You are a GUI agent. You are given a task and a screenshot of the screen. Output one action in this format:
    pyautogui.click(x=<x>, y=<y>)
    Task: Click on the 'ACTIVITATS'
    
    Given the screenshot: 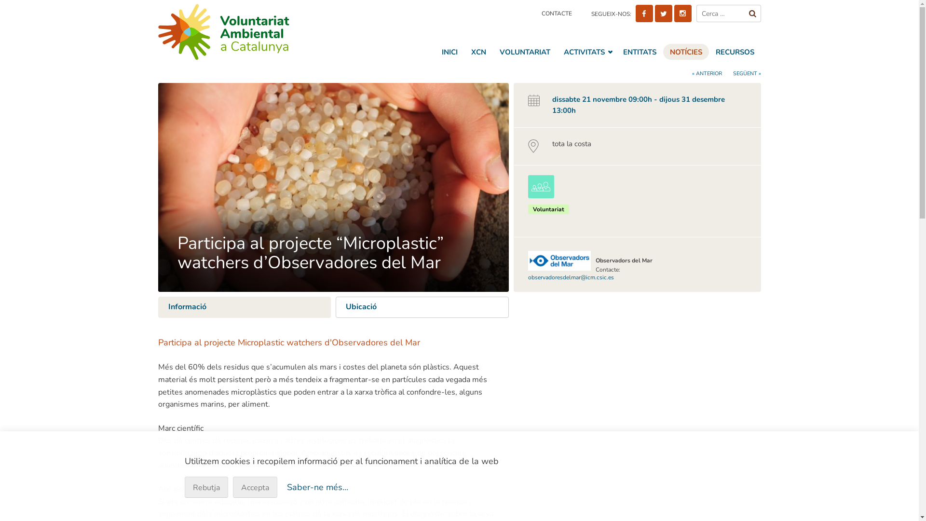 What is the action you would take?
    pyautogui.click(x=586, y=52)
    